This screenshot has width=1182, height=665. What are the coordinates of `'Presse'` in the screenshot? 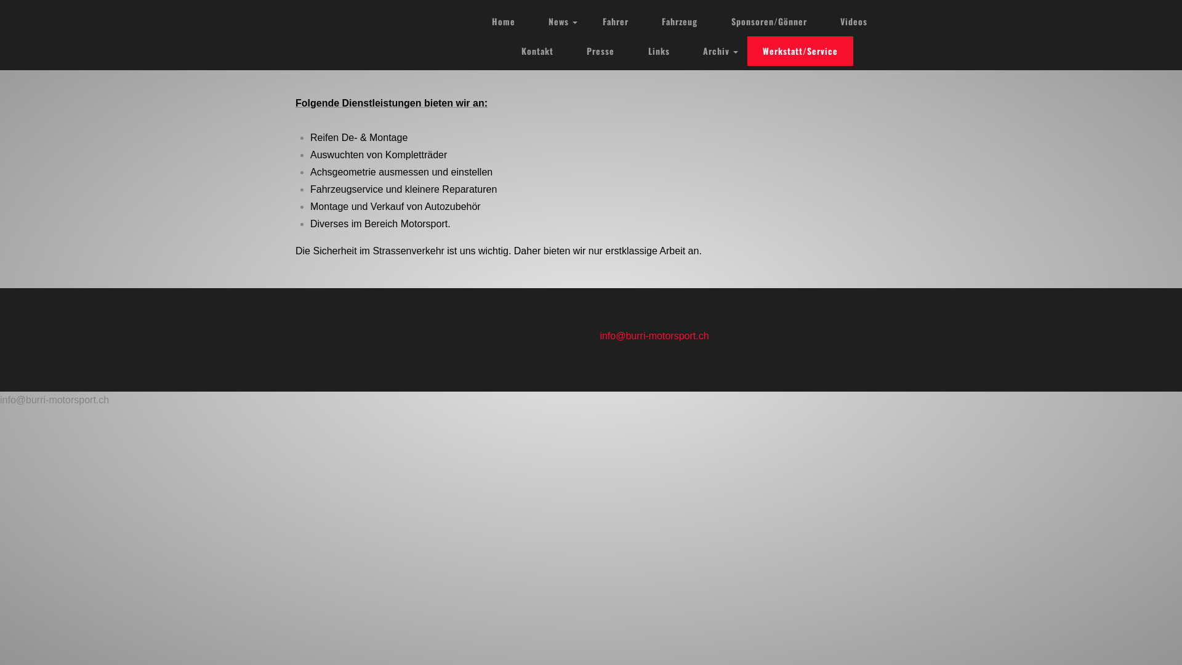 It's located at (600, 50).